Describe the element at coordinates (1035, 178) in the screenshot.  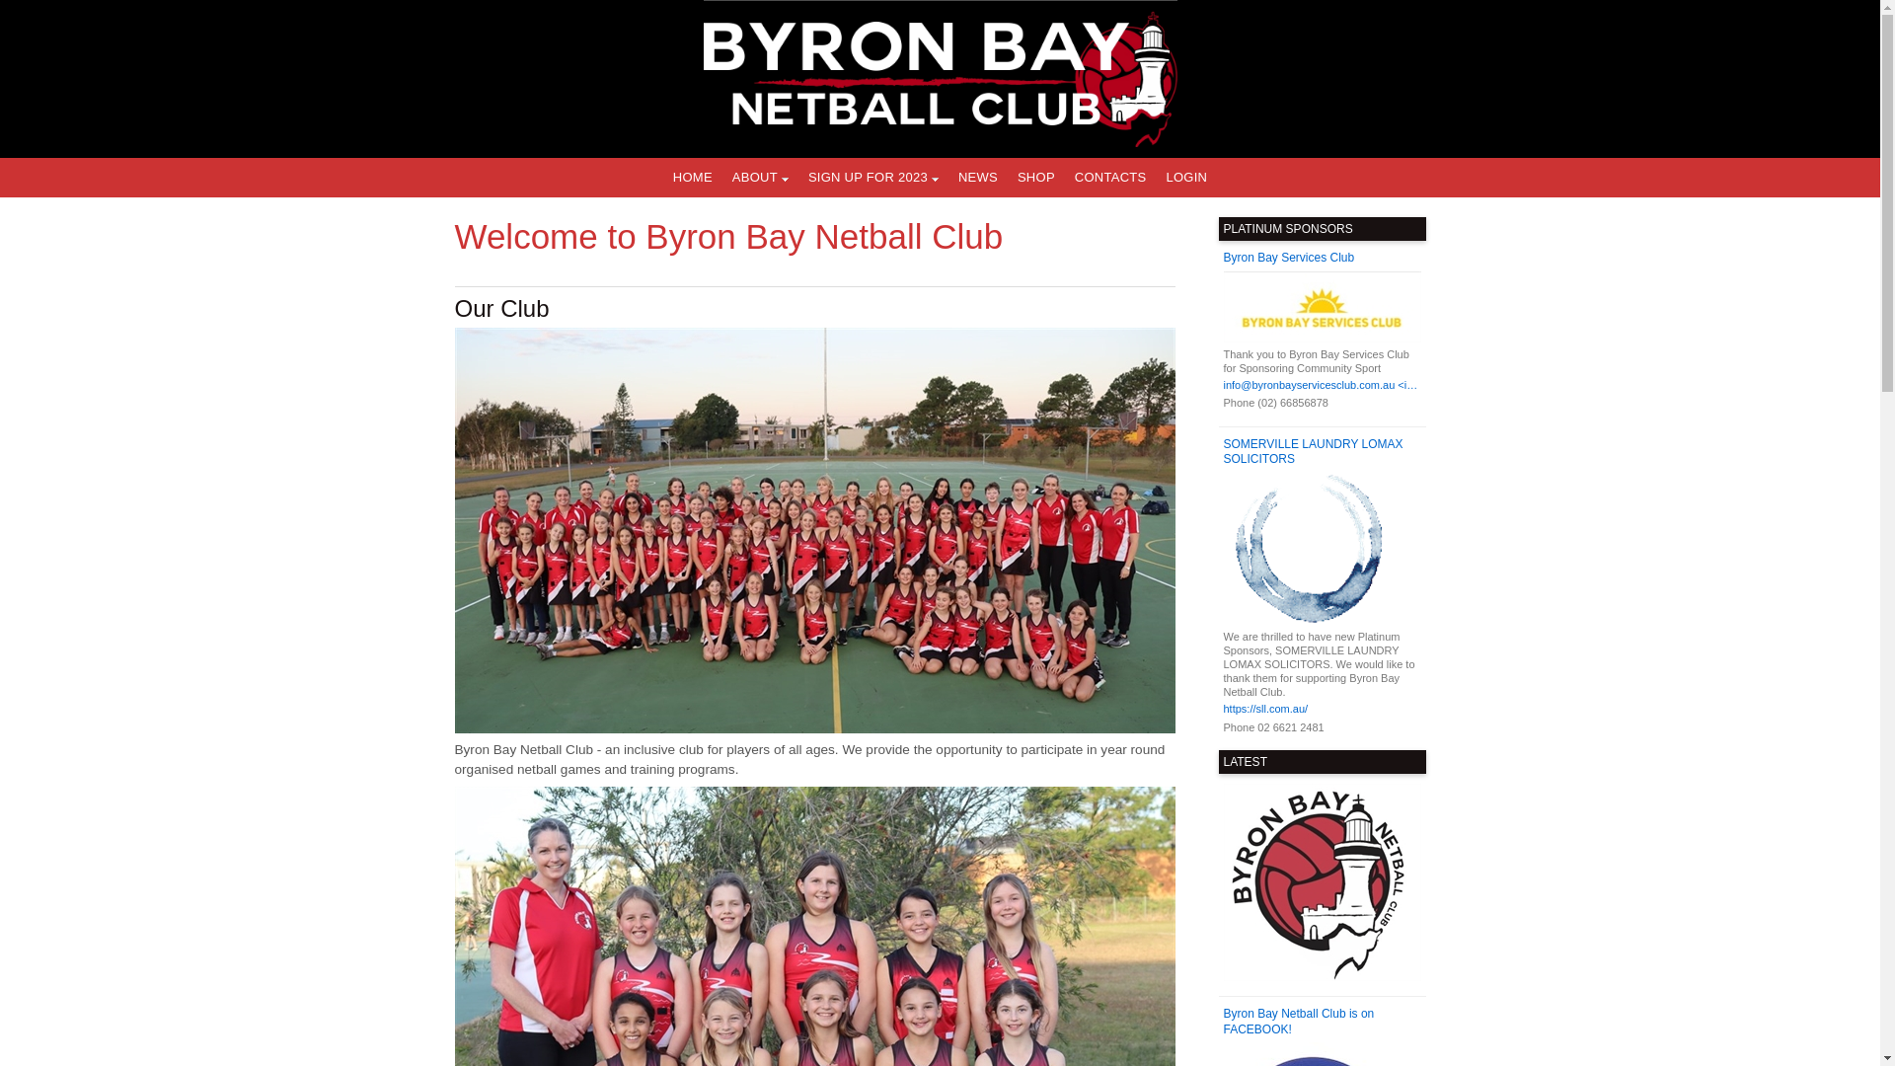
I see `'SHOP'` at that location.